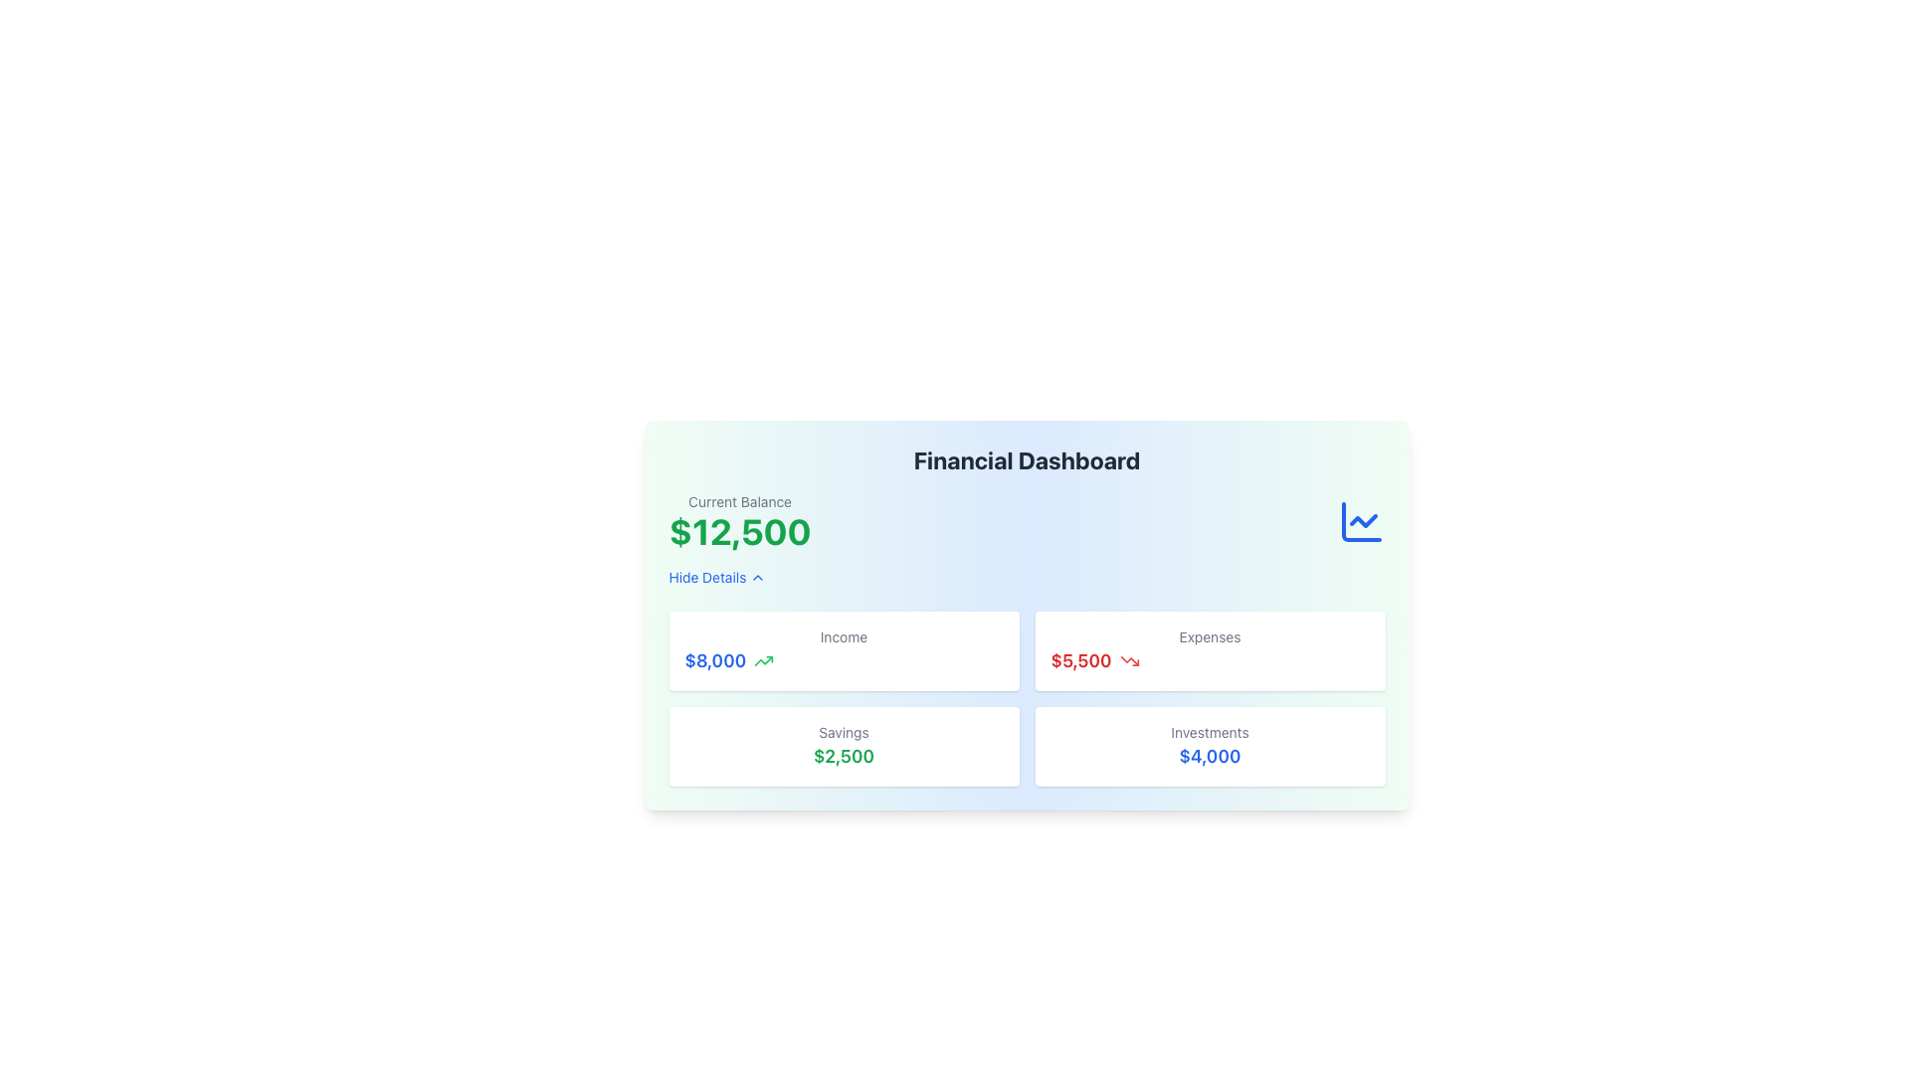 The image size is (1910, 1074). What do you see at coordinates (1209, 651) in the screenshot?
I see `displayed information on the white rectangular Information display card showing 'Expenses' and '$5,500' in the Financial Dashboard` at bounding box center [1209, 651].